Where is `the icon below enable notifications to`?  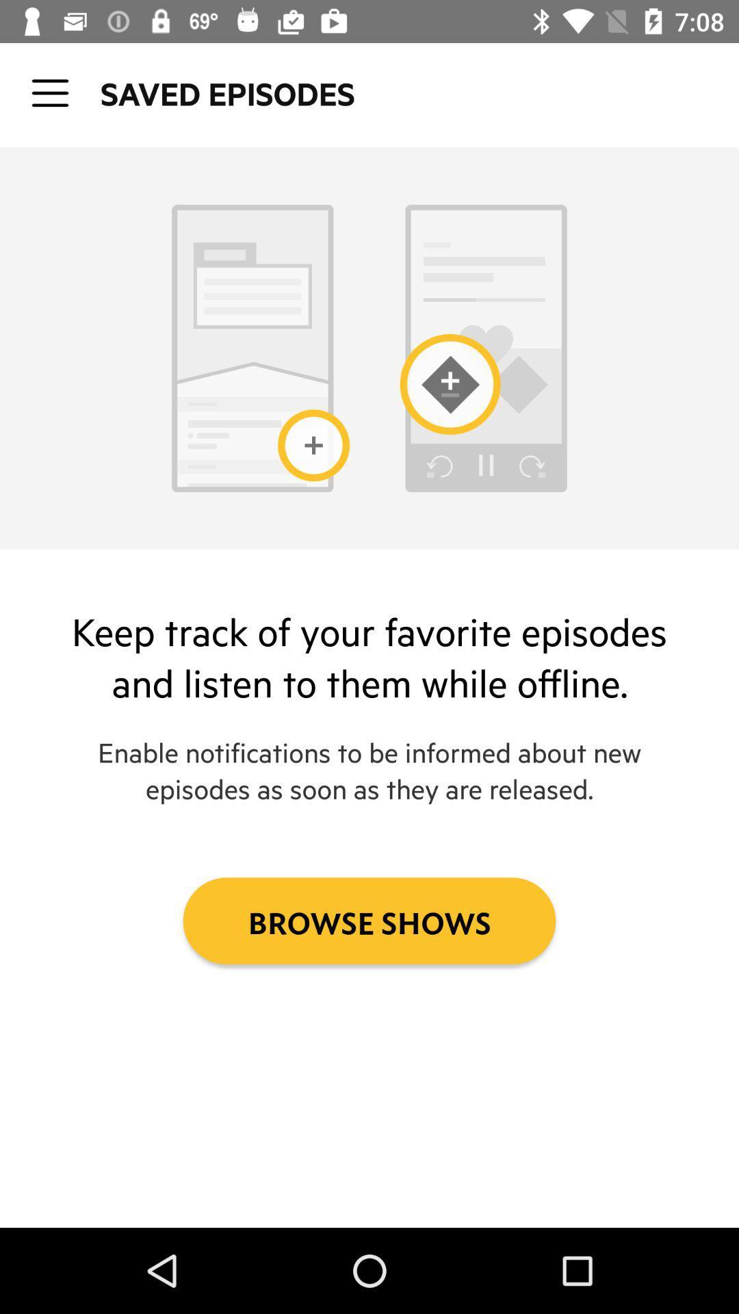 the icon below enable notifications to is located at coordinates (369, 920).